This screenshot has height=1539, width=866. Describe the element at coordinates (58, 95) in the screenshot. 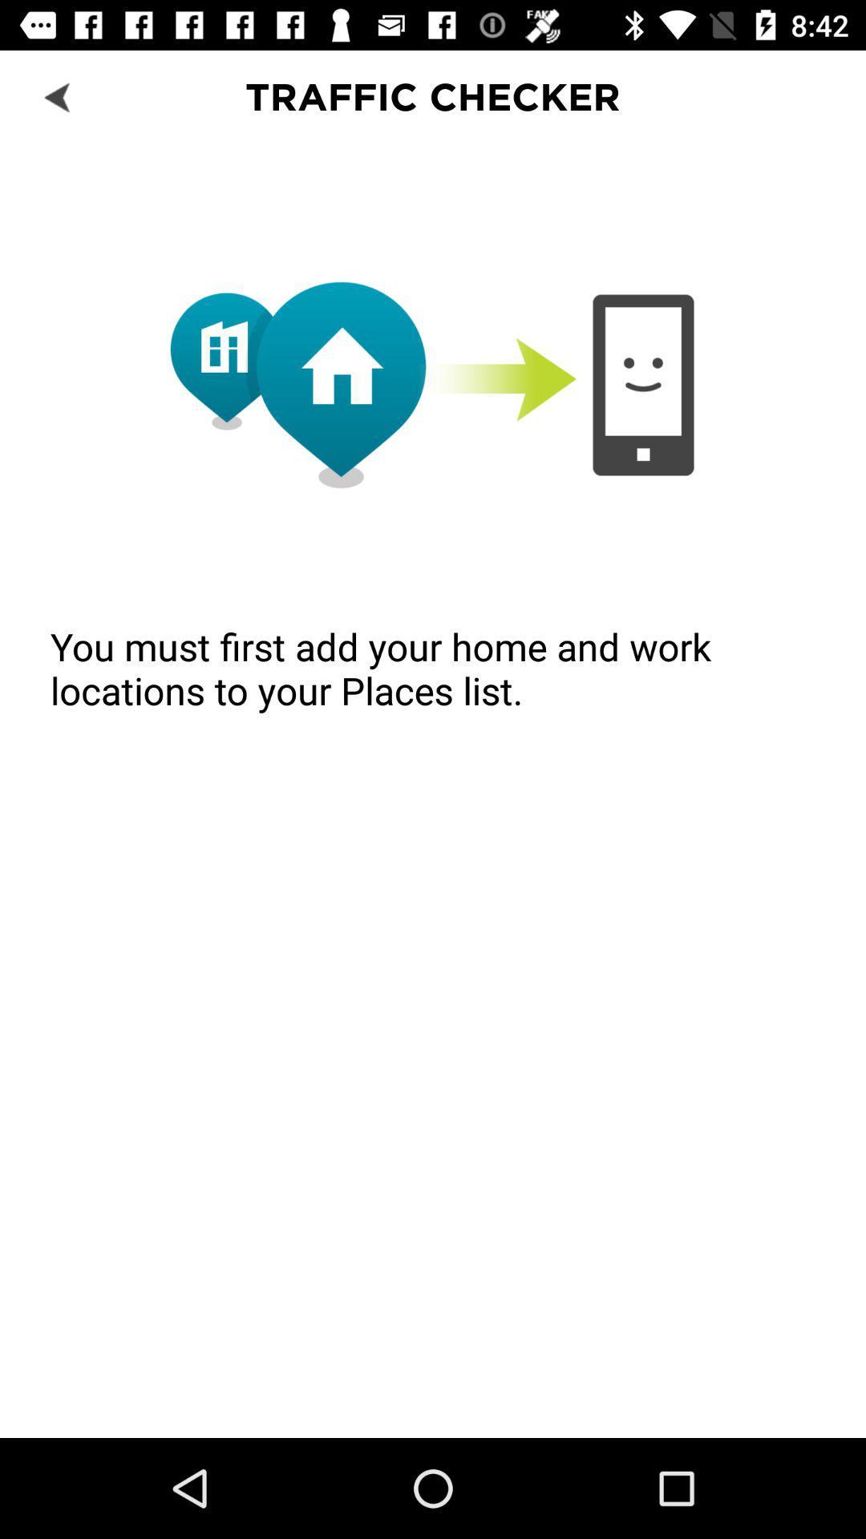

I see `icon next to the traffic checker icon` at that location.